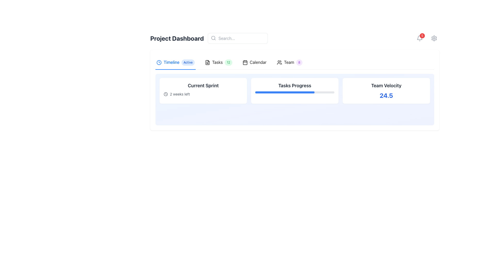 The image size is (495, 278). Describe the element at coordinates (228, 62) in the screenshot. I see `the Badge with numeric data indicating the count of pending tasks in the top navigation bar, positioned next to the 'Tasks' label and icon` at that location.